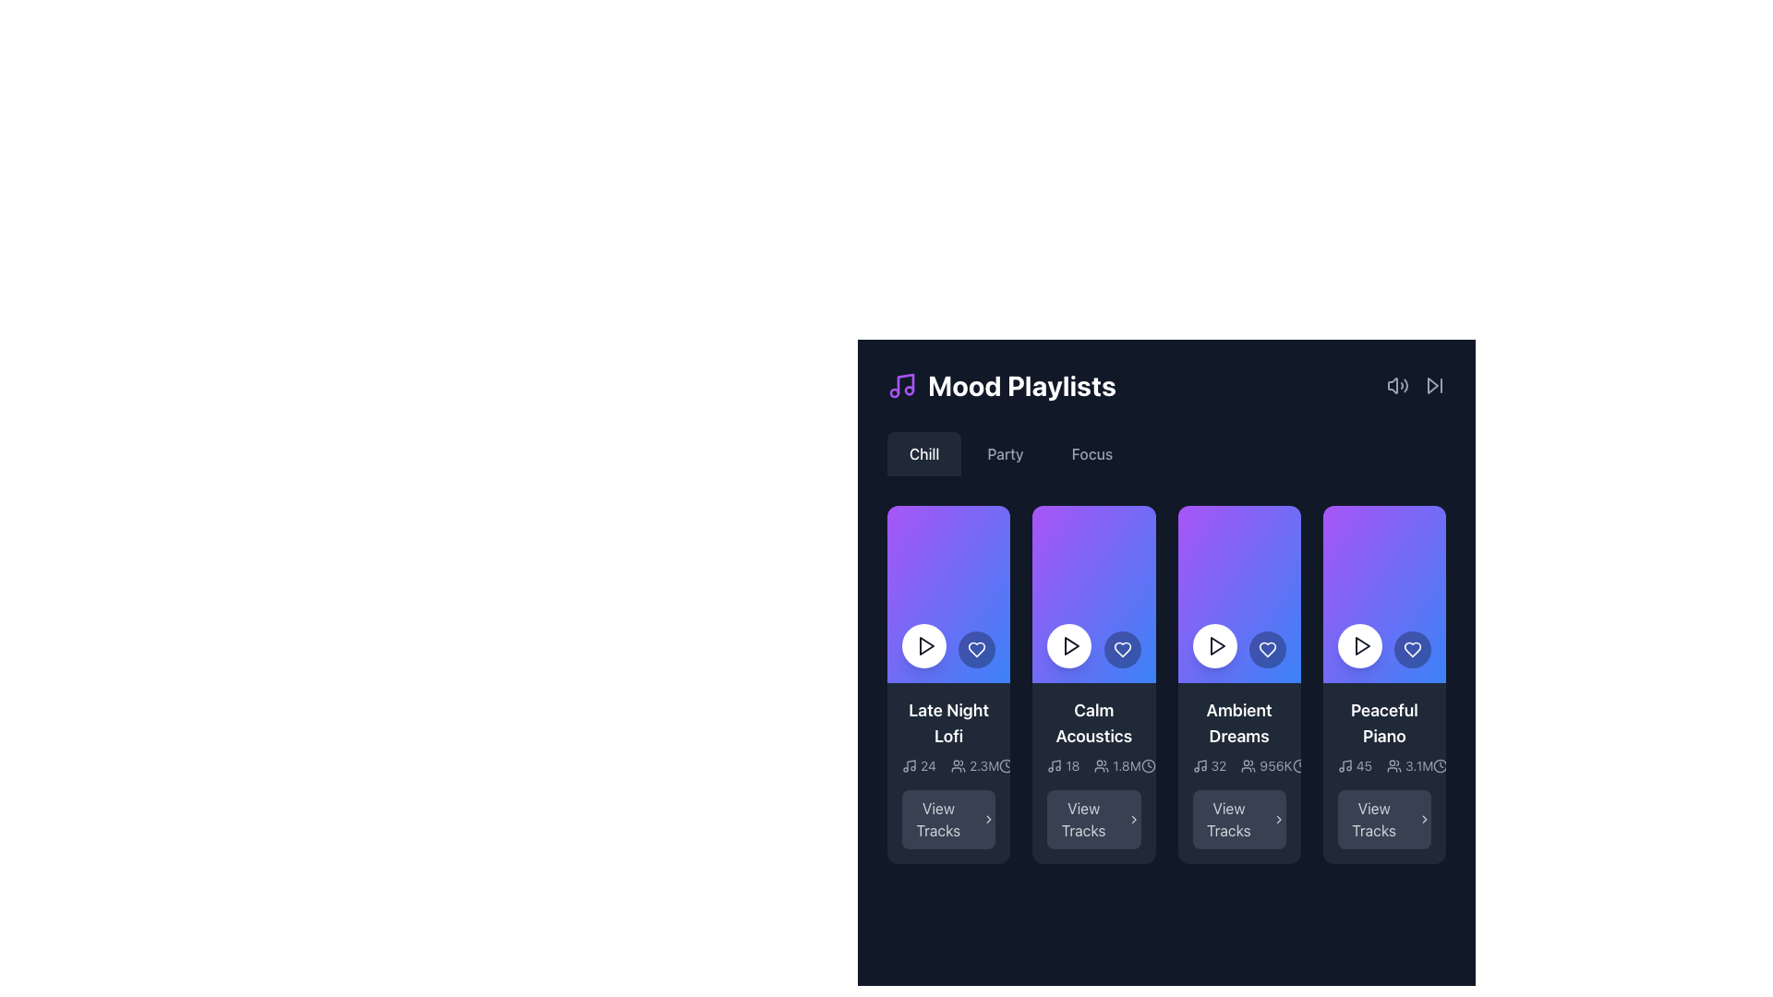 The width and height of the screenshot is (1773, 997). Describe the element at coordinates (926, 644) in the screenshot. I see `the play button icon located in the first playlist card labeled 'Late Night Lofi'` at that location.